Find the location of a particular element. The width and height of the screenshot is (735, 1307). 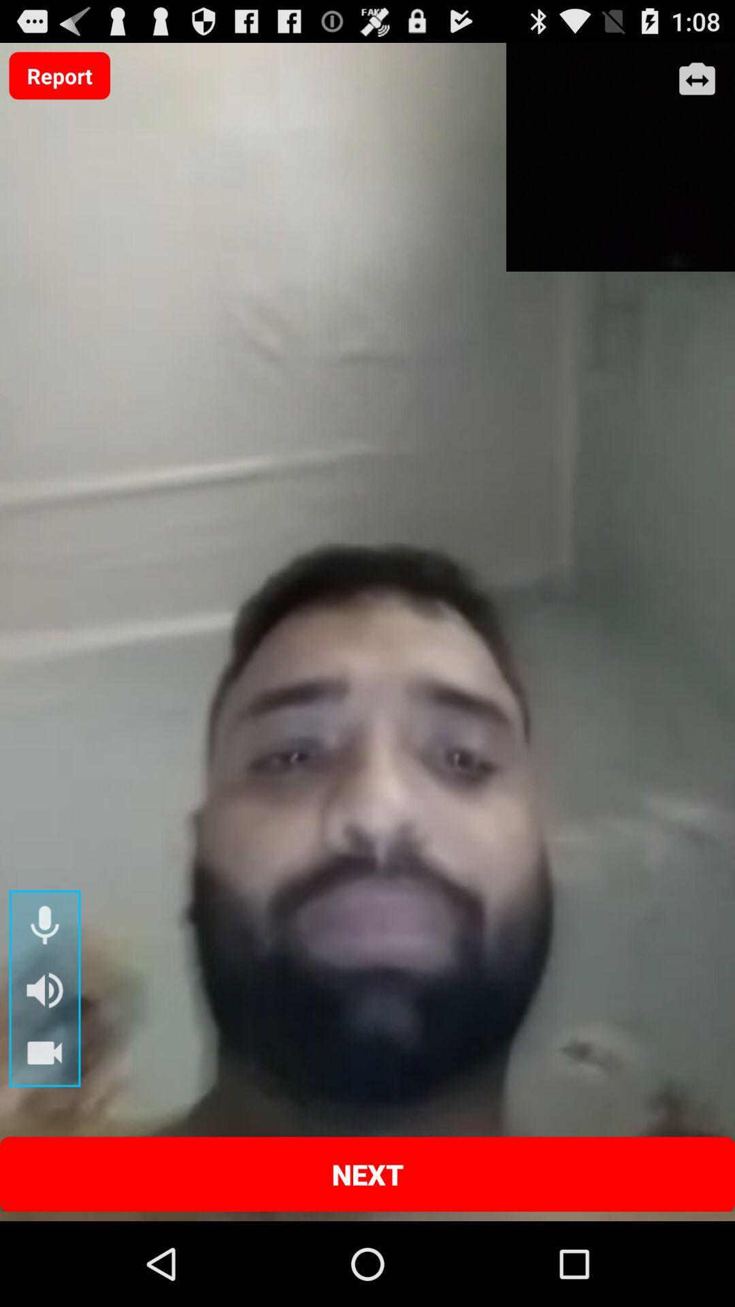

open camera is located at coordinates (697, 80).